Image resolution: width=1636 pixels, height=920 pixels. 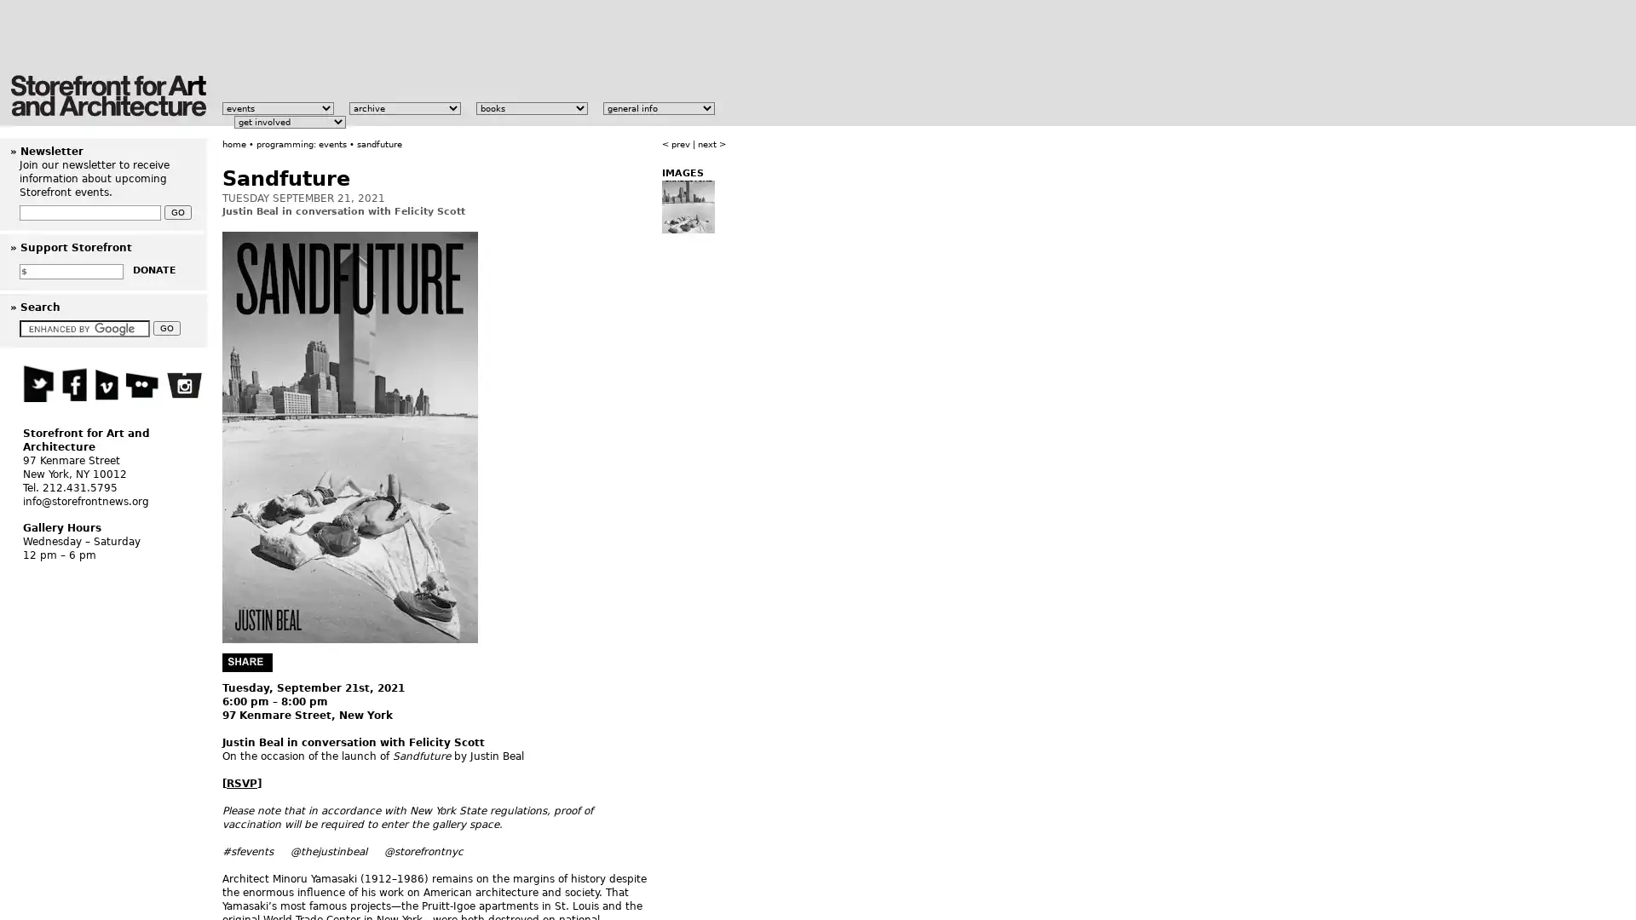 What do you see at coordinates (167, 328) in the screenshot?
I see `GO` at bounding box center [167, 328].